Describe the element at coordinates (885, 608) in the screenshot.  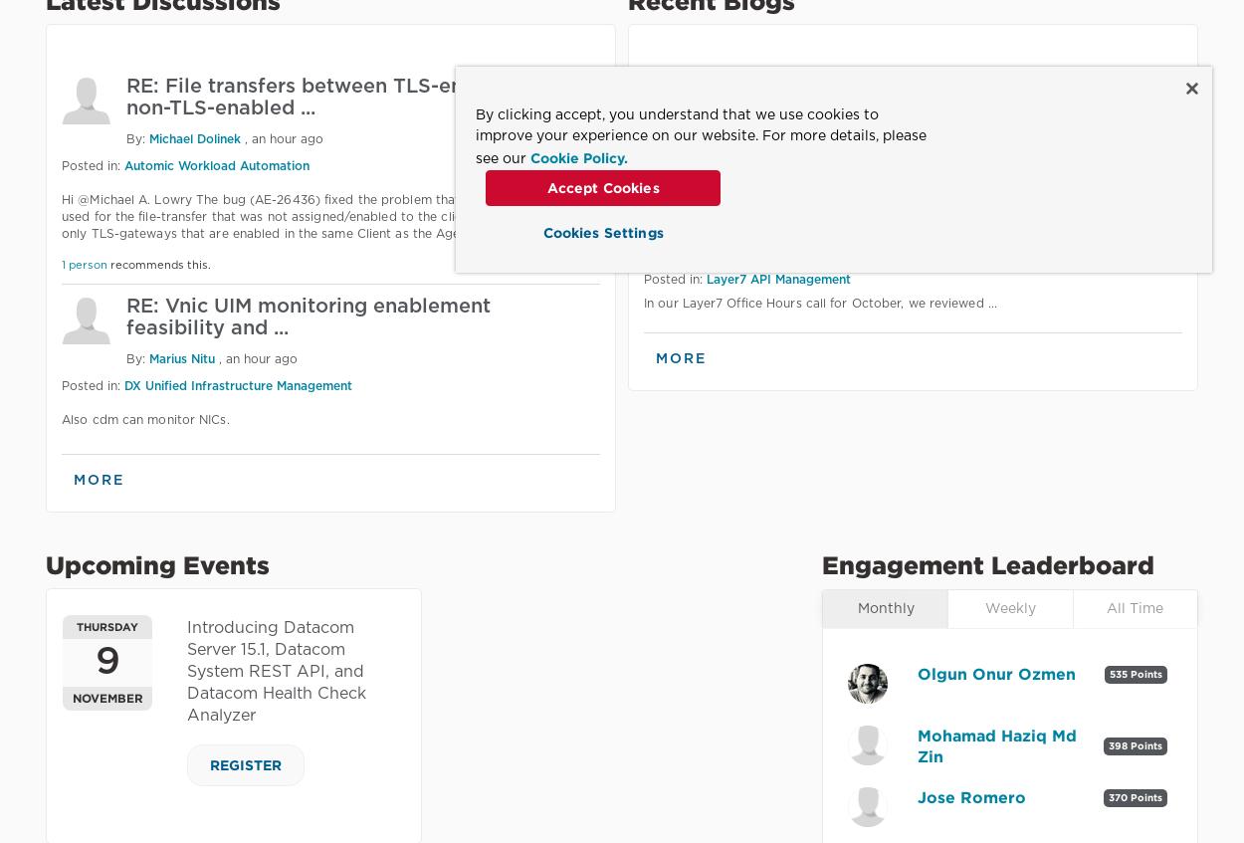
I see `'Monthly'` at that location.